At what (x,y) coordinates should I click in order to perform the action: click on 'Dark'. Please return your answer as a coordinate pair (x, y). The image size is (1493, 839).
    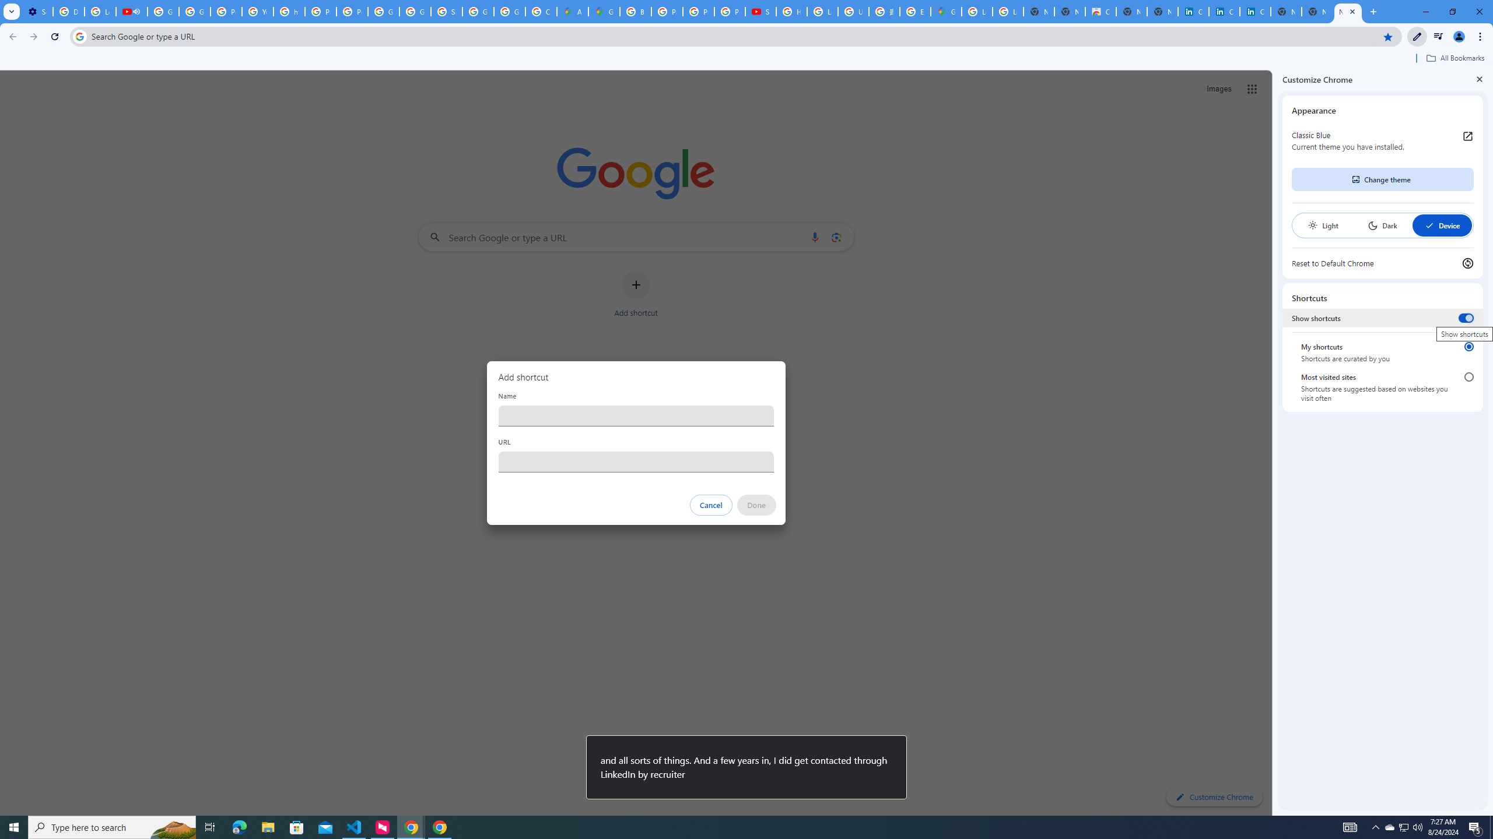
    Looking at the image, I should click on (1382, 225).